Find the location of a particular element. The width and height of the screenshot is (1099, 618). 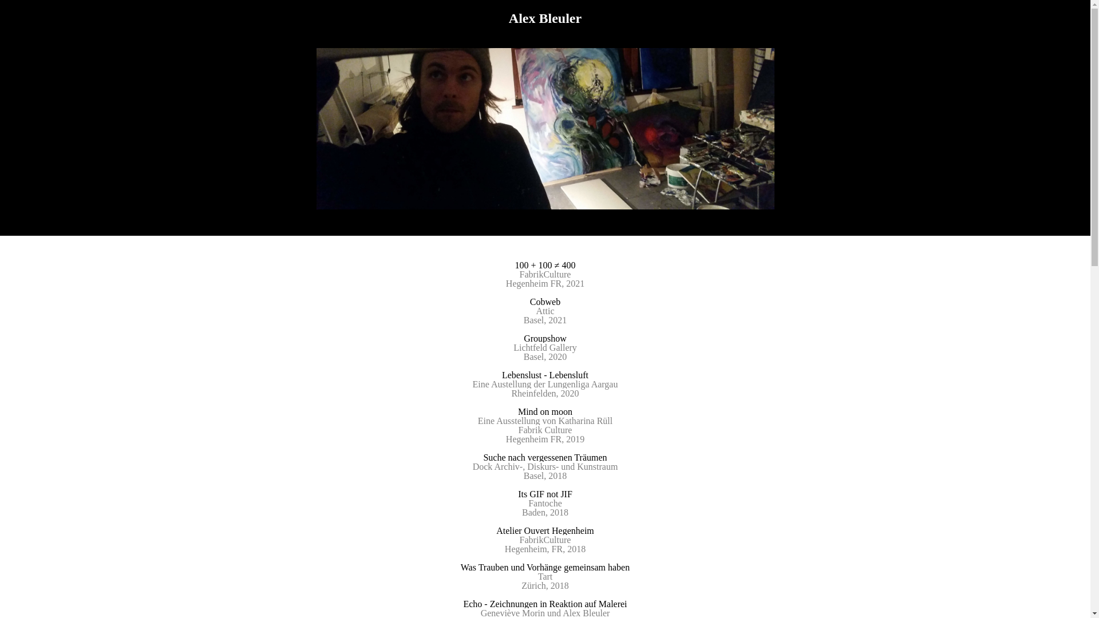

'Cobweb' is located at coordinates (544, 301).